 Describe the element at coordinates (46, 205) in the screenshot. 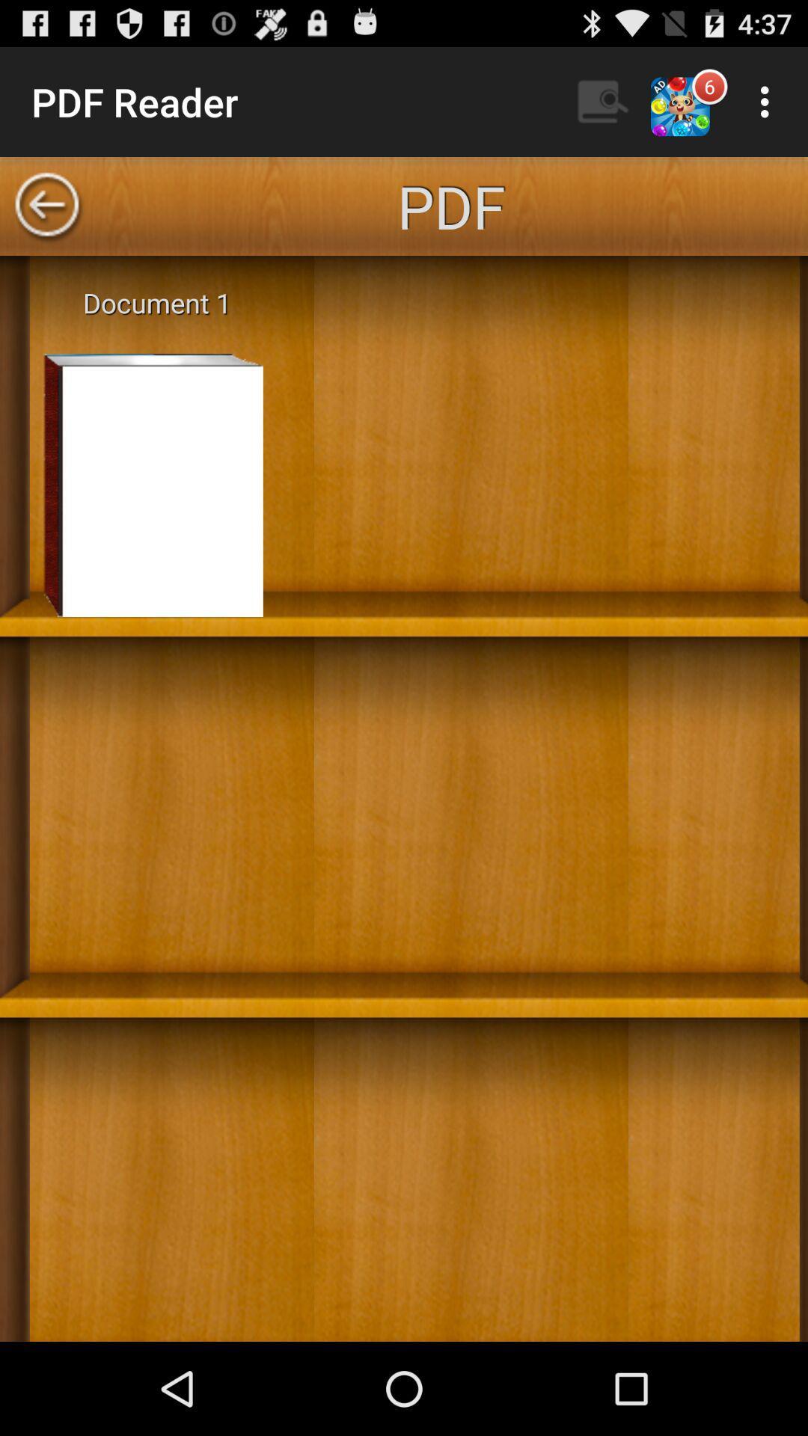

I see `go back` at that location.